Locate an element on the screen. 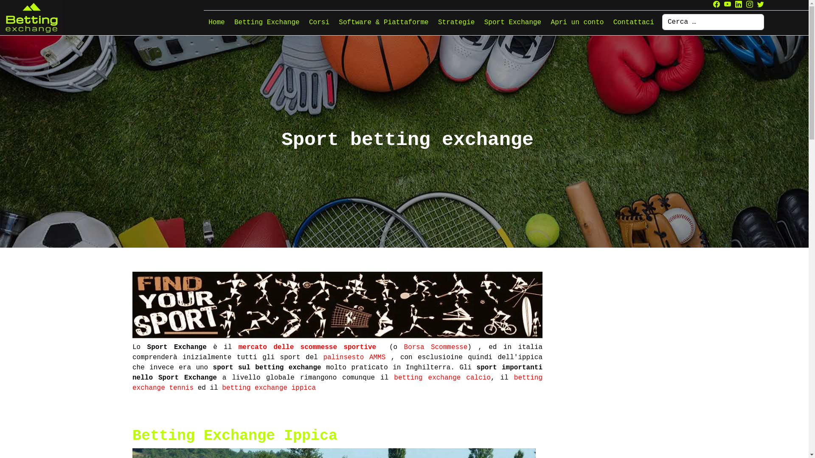 This screenshot has height=458, width=815. 'palinsesto AMMS' is located at coordinates (354, 357).